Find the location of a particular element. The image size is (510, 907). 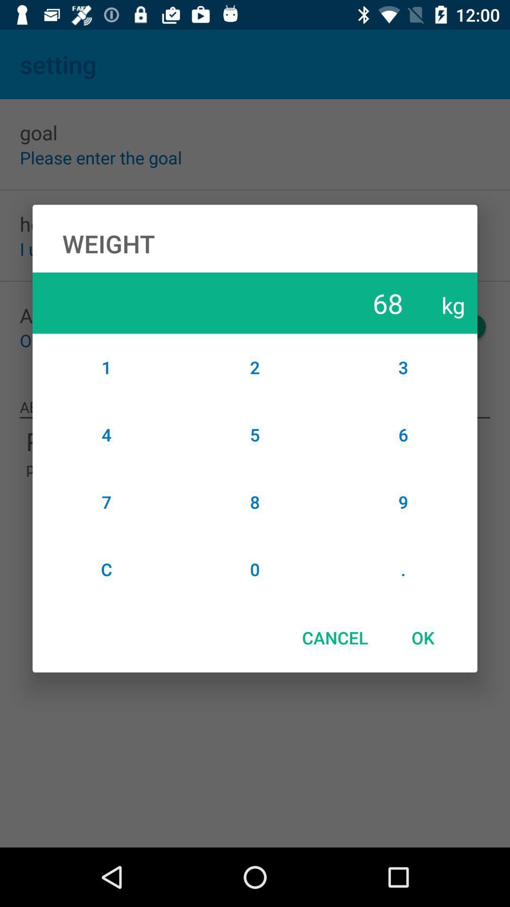

the 0 item is located at coordinates (255, 569).